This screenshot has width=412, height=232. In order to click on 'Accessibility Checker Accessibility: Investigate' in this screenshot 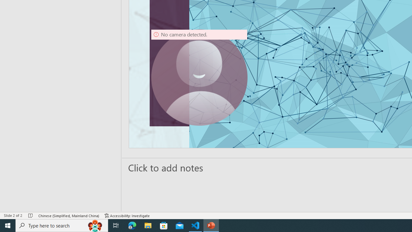, I will do `click(127, 216)`.